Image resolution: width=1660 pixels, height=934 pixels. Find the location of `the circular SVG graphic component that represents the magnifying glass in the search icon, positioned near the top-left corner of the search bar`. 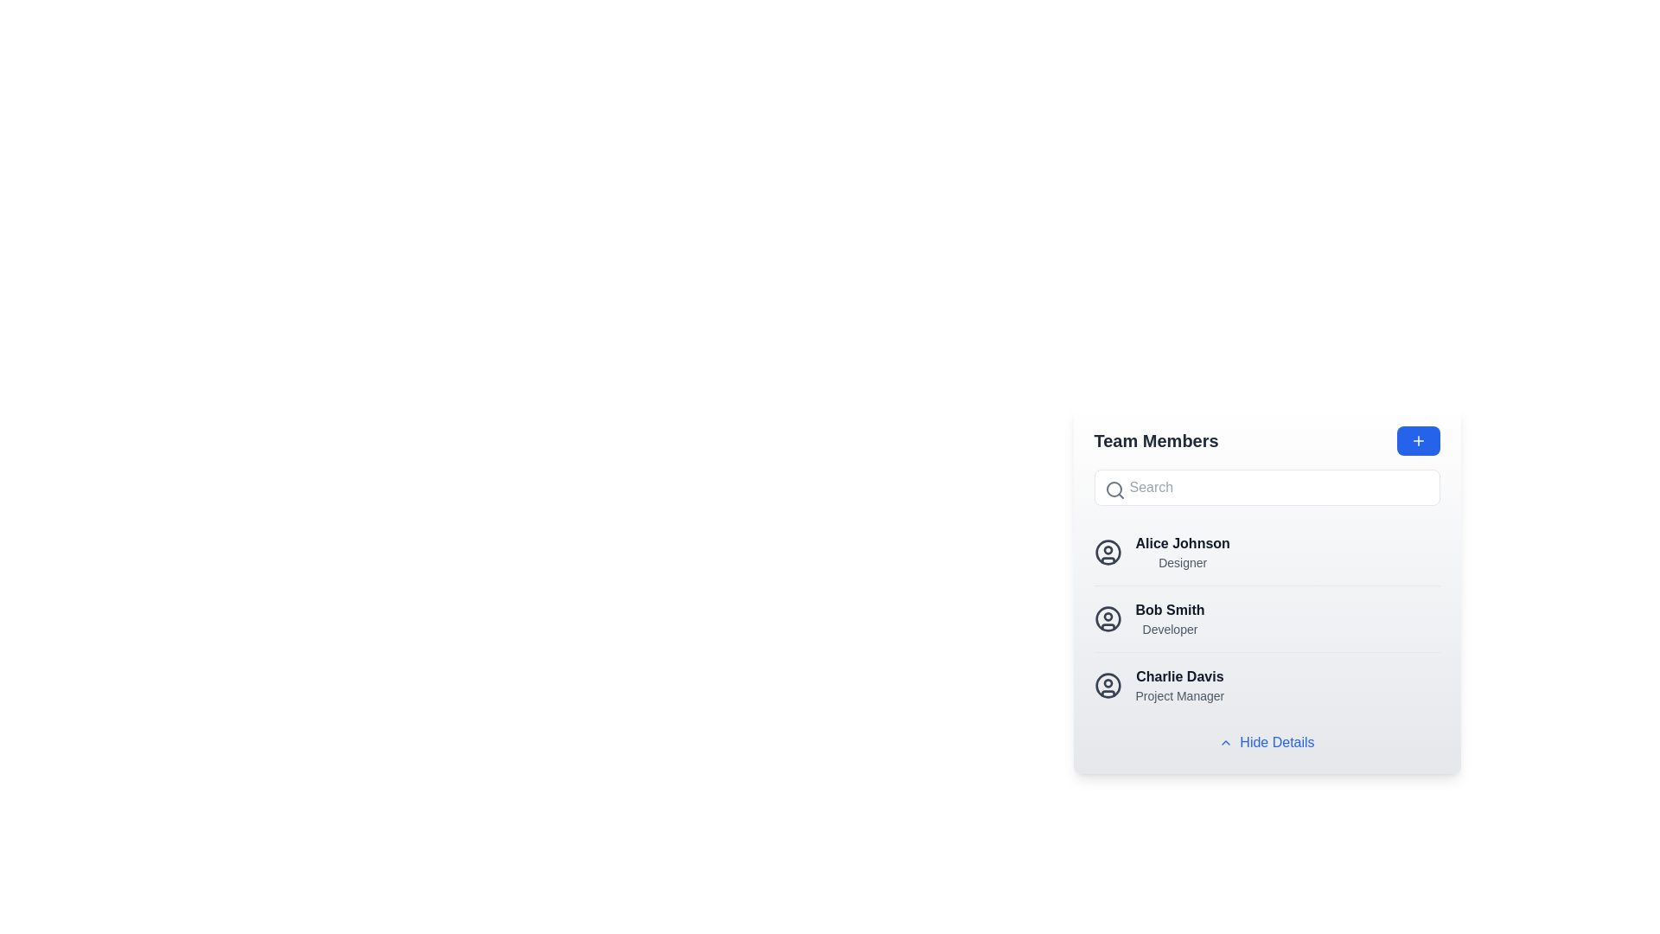

the circular SVG graphic component that represents the magnifying glass in the search icon, positioned near the top-left corner of the search bar is located at coordinates (1114, 489).